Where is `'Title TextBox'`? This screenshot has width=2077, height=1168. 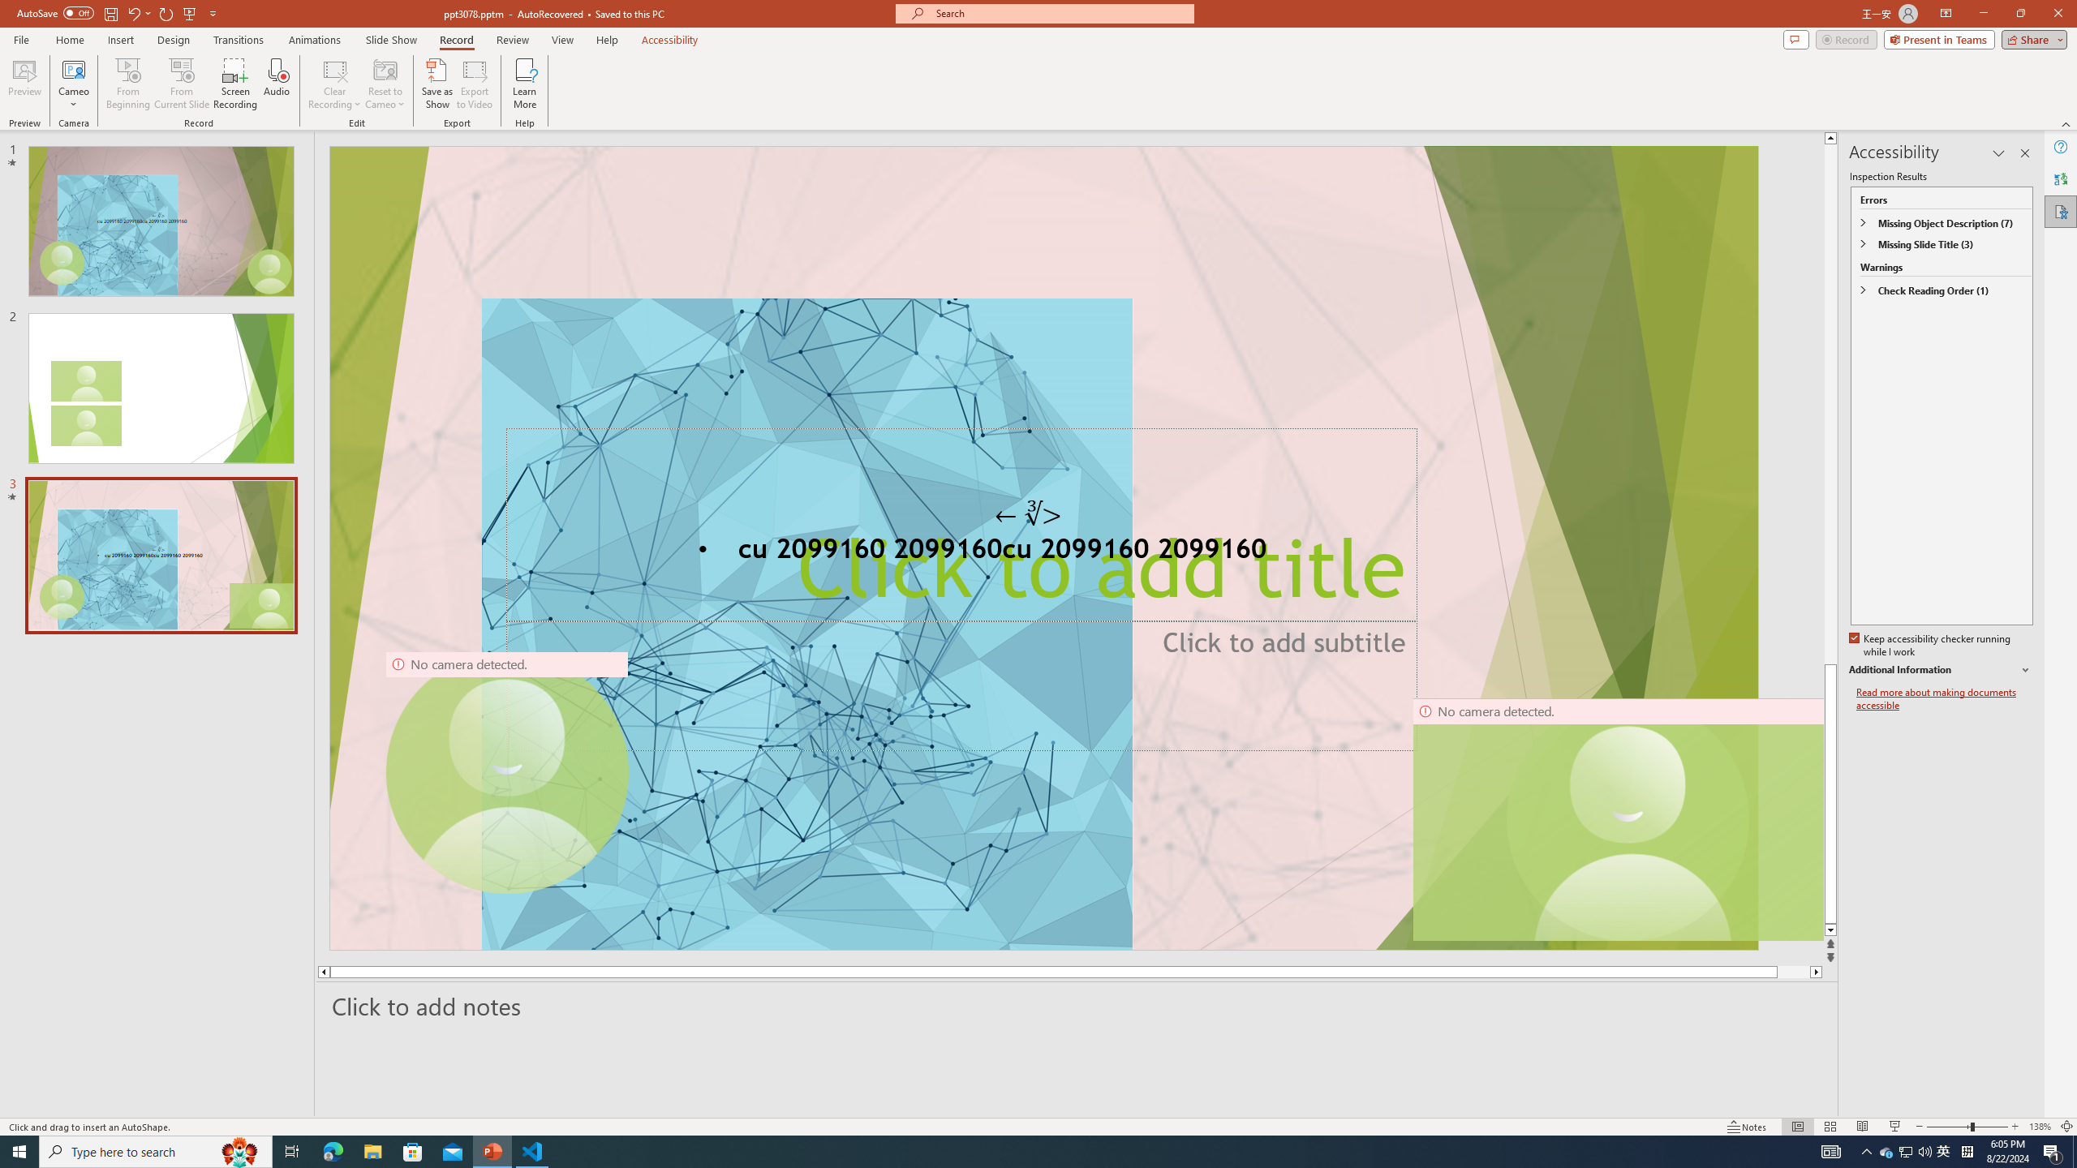
'Title TextBox' is located at coordinates (961, 525).